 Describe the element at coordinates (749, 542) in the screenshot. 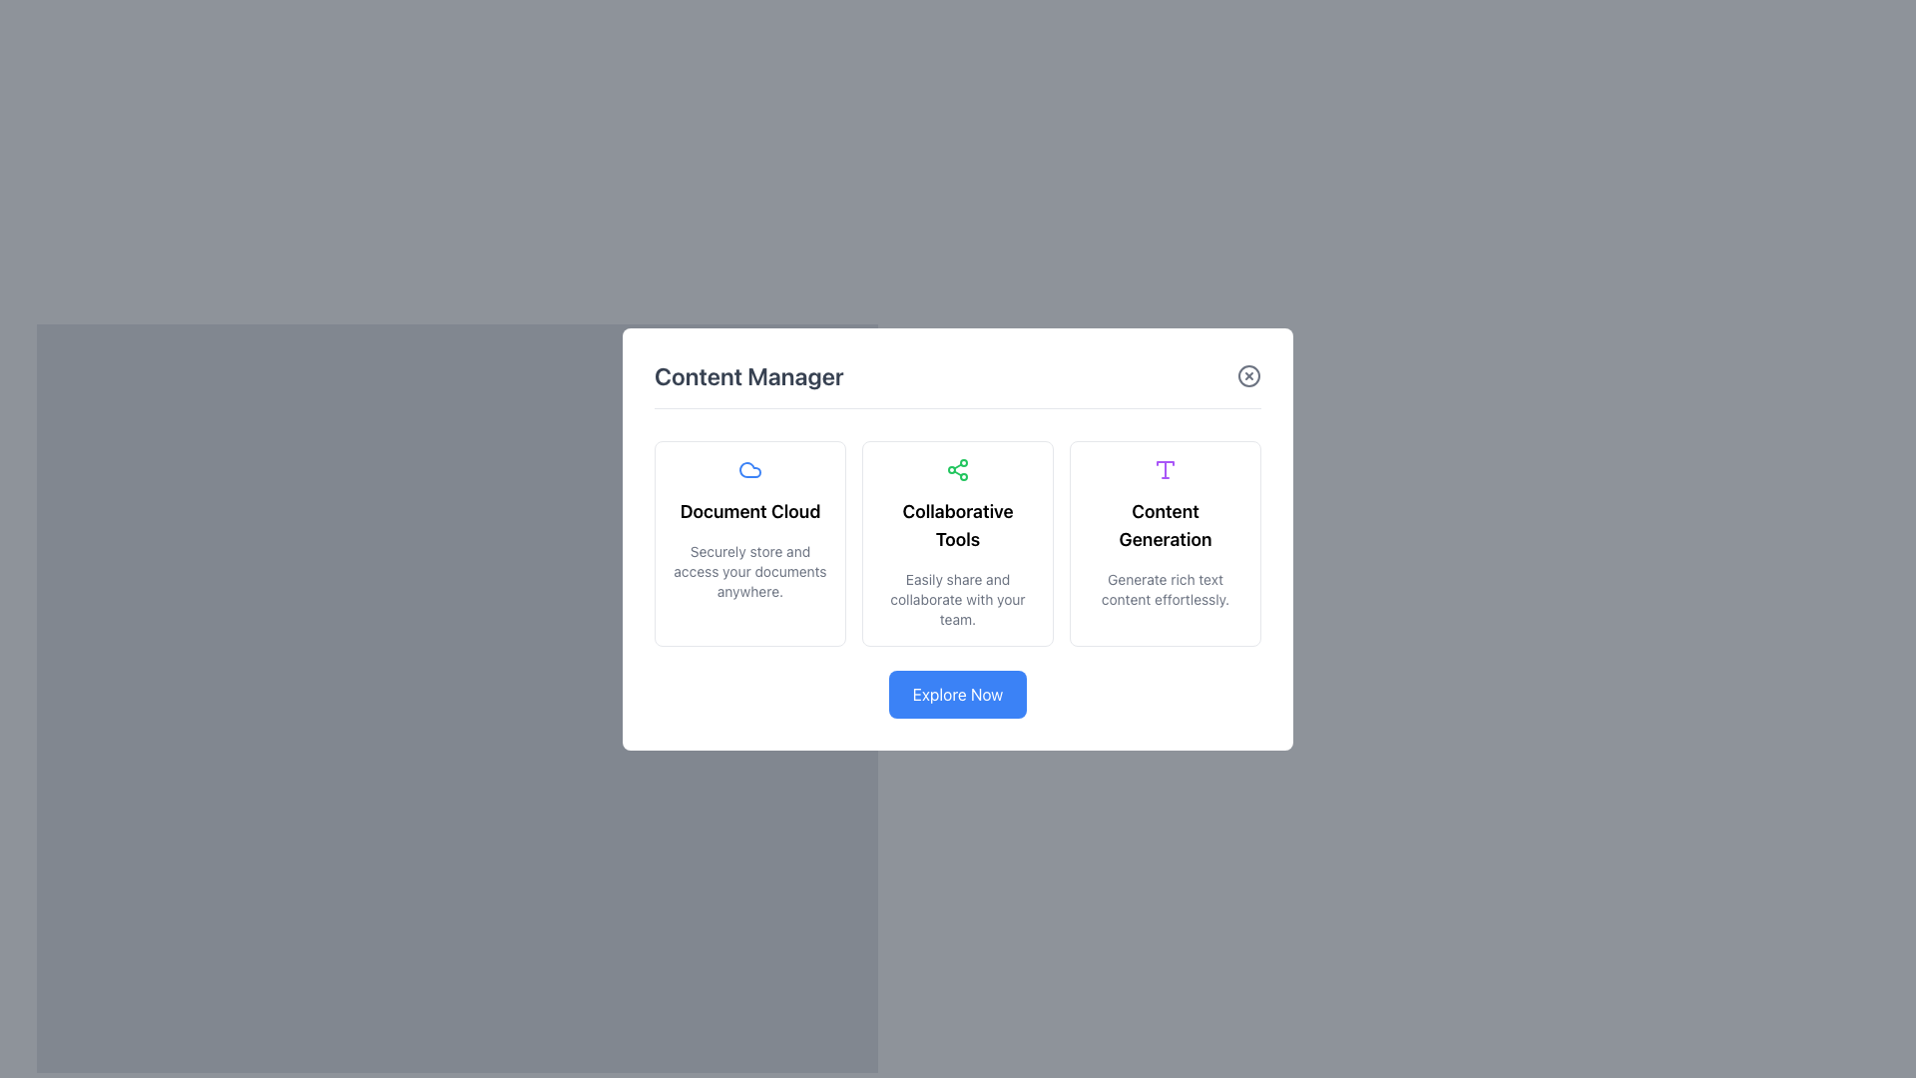

I see `the top-left informational card about the 'Document Cloud' feature, which is the first card in a grid layout and positioned above the 'Explore Now' button` at that location.